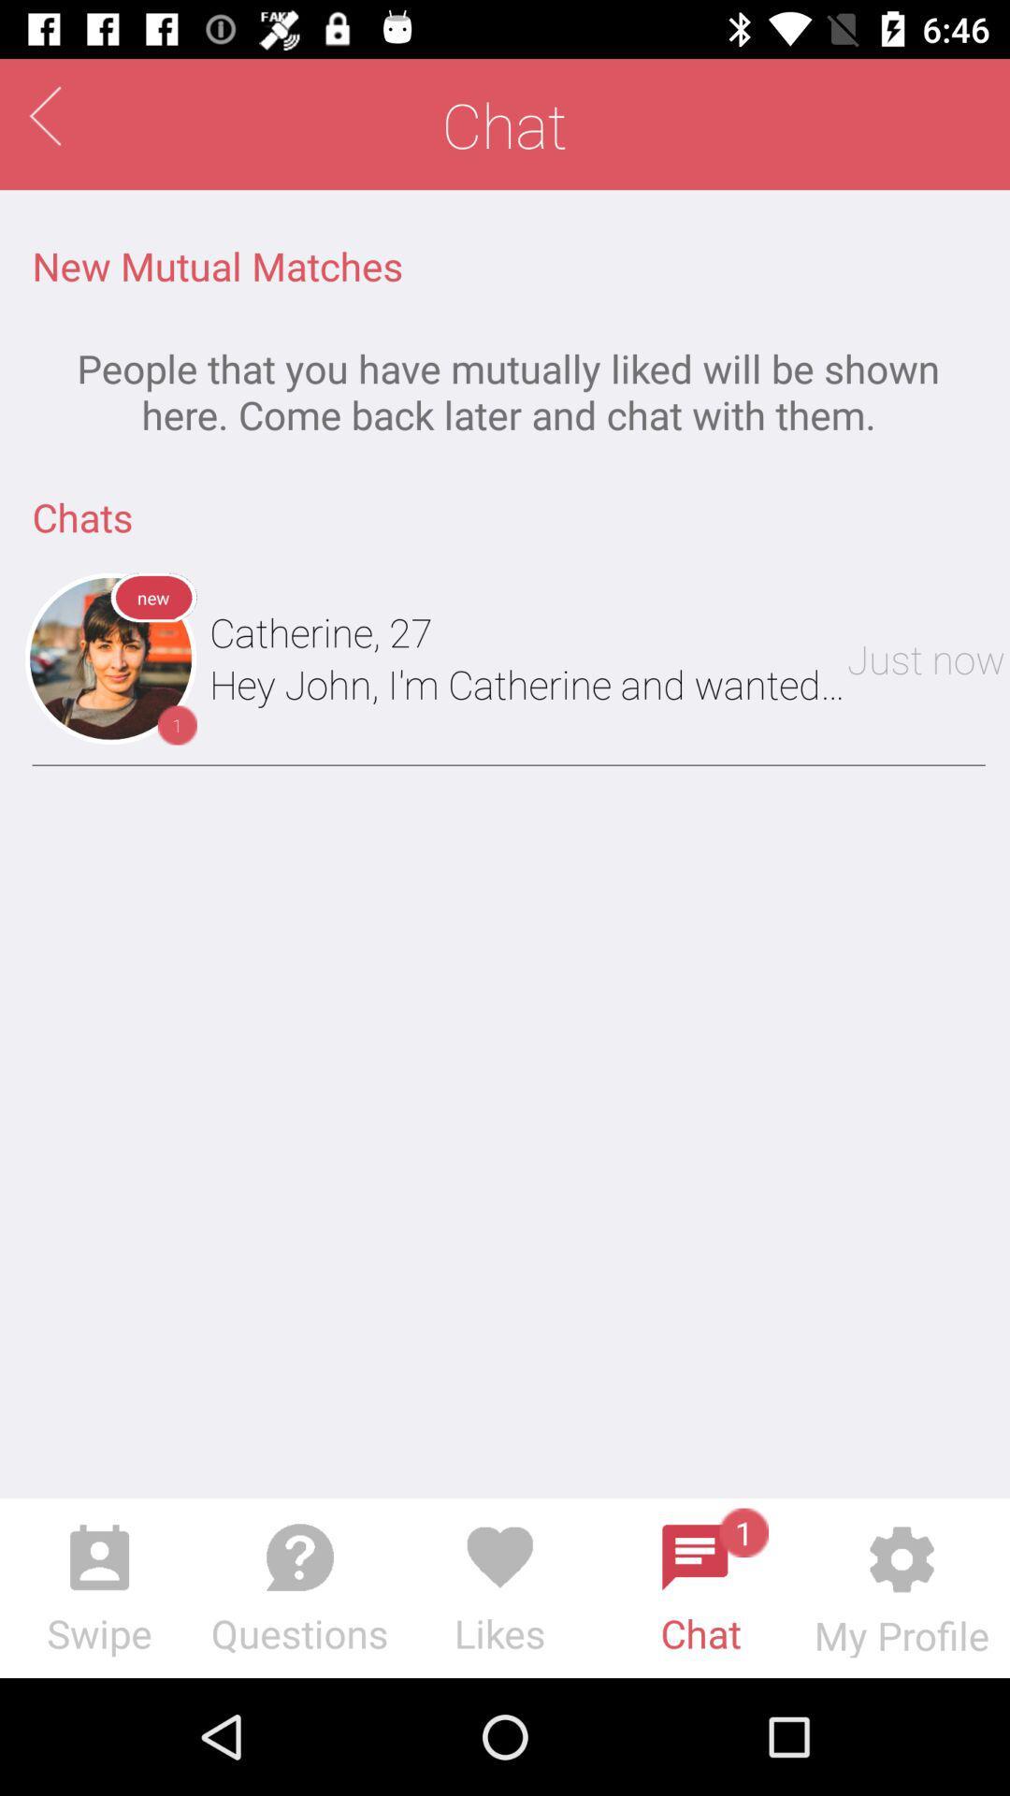 The width and height of the screenshot is (1010, 1796). Describe the element at coordinates (44, 115) in the screenshot. I see `the arrow_backward icon` at that location.